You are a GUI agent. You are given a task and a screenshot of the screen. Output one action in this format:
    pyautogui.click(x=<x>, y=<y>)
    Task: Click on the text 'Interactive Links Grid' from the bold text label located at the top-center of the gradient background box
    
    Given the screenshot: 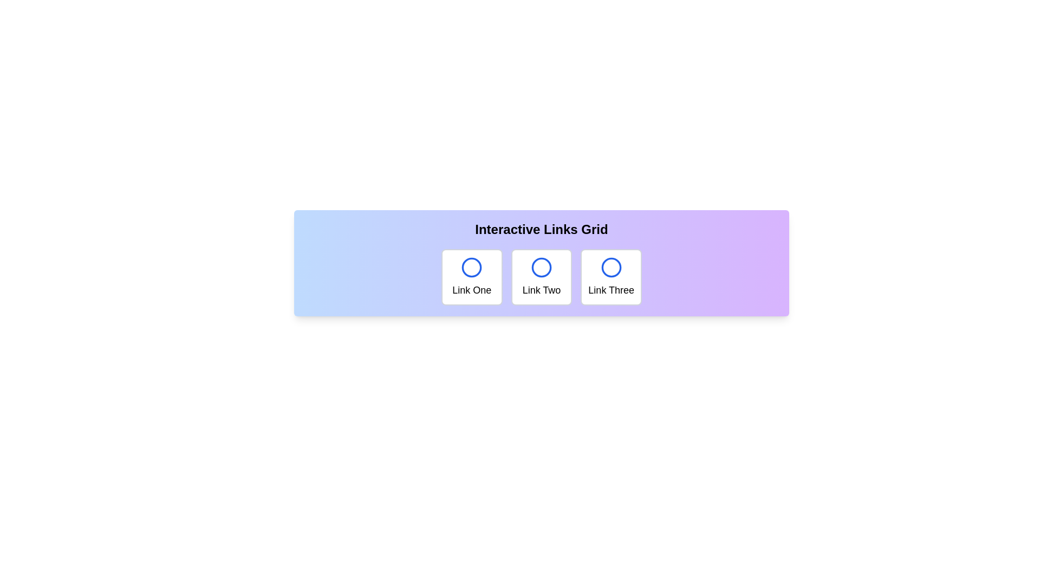 What is the action you would take?
    pyautogui.click(x=541, y=229)
    